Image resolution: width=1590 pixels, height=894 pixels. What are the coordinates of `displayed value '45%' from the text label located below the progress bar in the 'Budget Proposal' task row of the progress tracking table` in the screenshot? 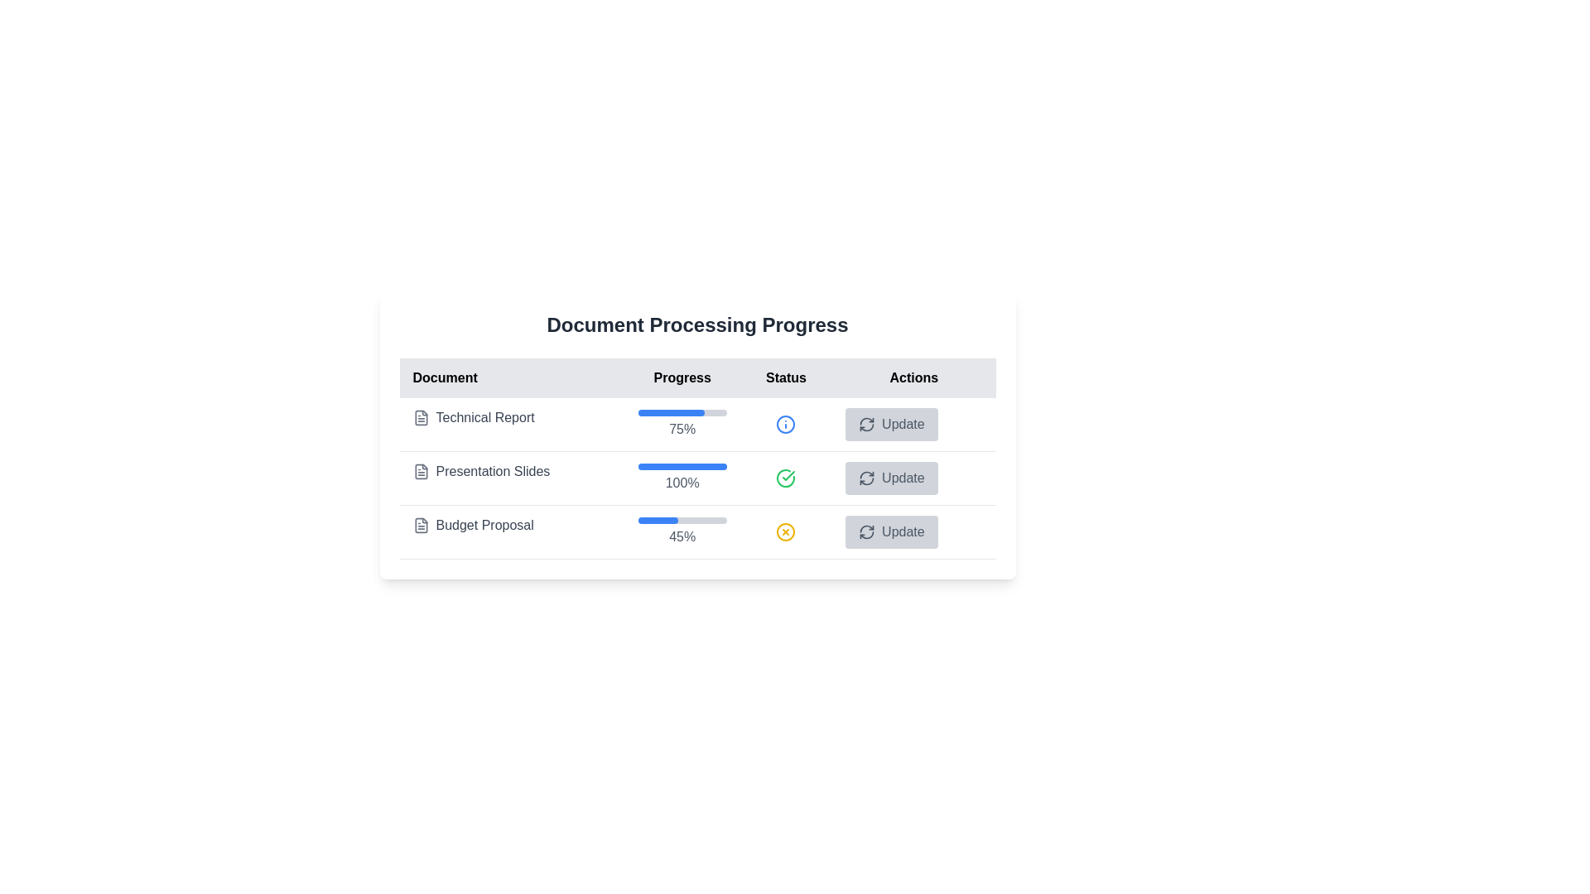 It's located at (682, 536).